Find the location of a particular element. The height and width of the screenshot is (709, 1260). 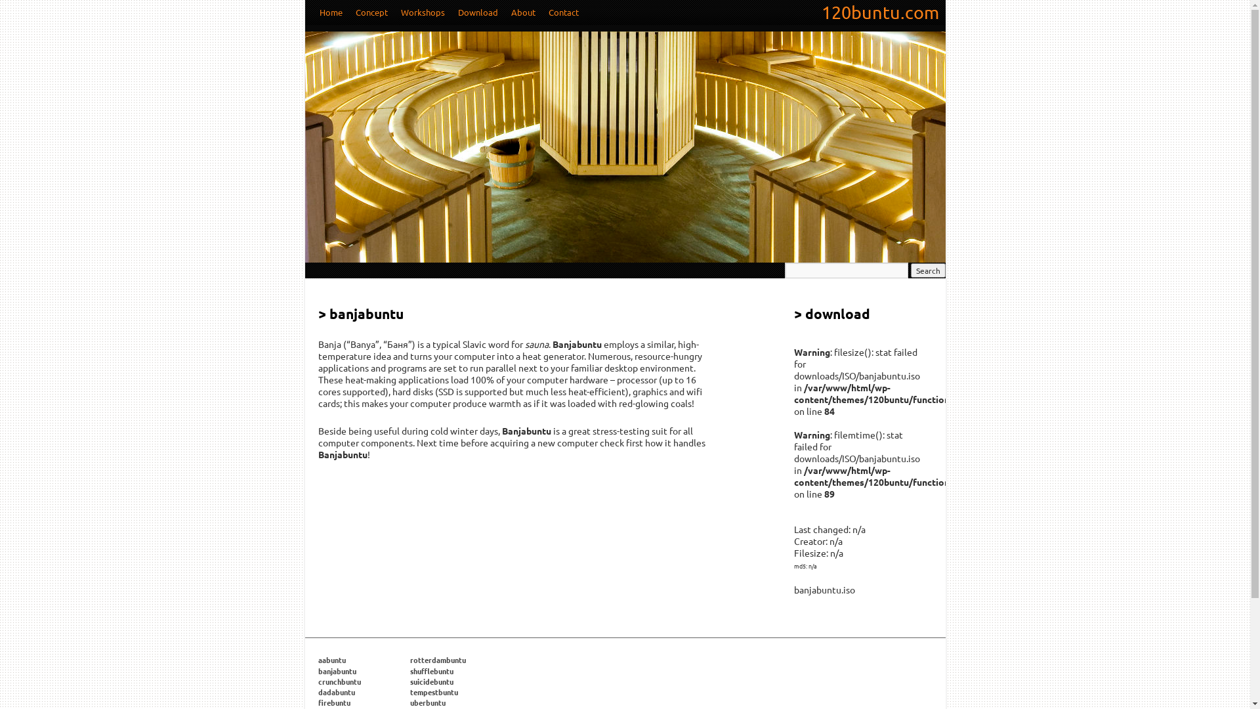

'dadabuntu' is located at coordinates (318, 691).